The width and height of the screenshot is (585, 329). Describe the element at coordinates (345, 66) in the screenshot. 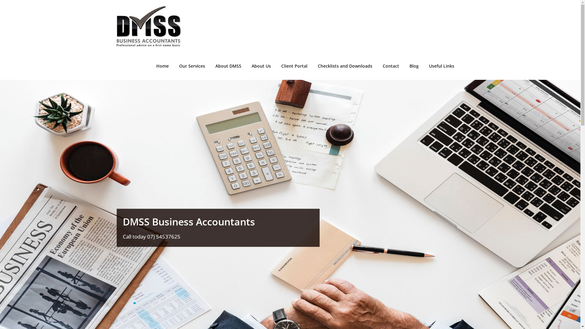

I see `'Checklists and Downloads'` at that location.